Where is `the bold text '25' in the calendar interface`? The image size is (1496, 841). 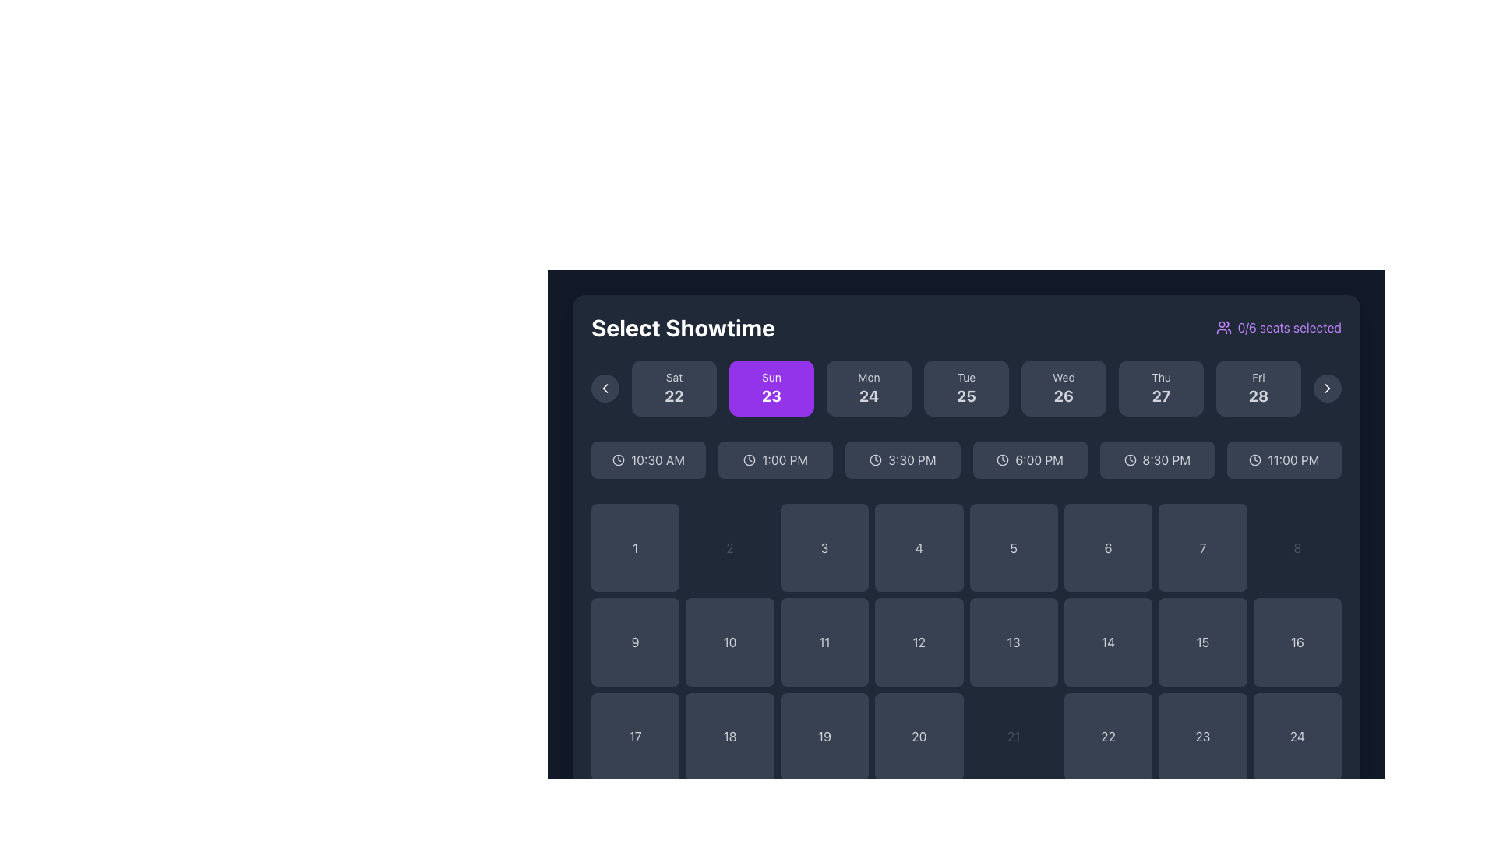
the bold text '25' in the calendar interface is located at coordinates (965, 396).